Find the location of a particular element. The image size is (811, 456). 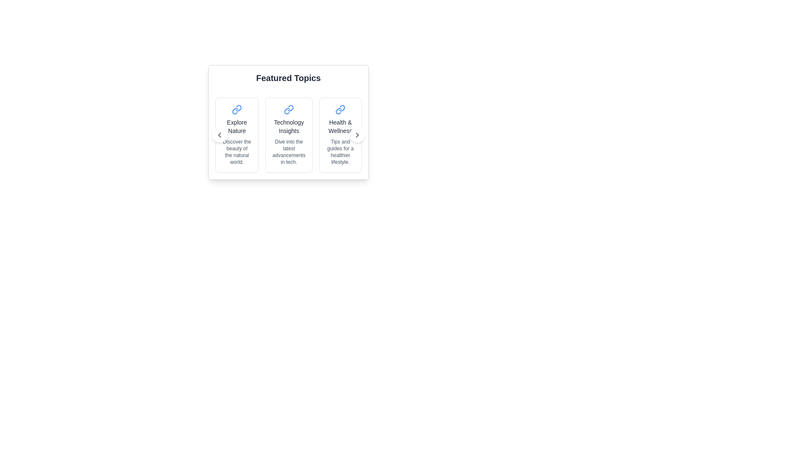

the blue chain link icon located in the first card of the 'Featured Topics' section, which is positioned to the left of the 'Explore Nature' title text is located at coordinates (238, 108).